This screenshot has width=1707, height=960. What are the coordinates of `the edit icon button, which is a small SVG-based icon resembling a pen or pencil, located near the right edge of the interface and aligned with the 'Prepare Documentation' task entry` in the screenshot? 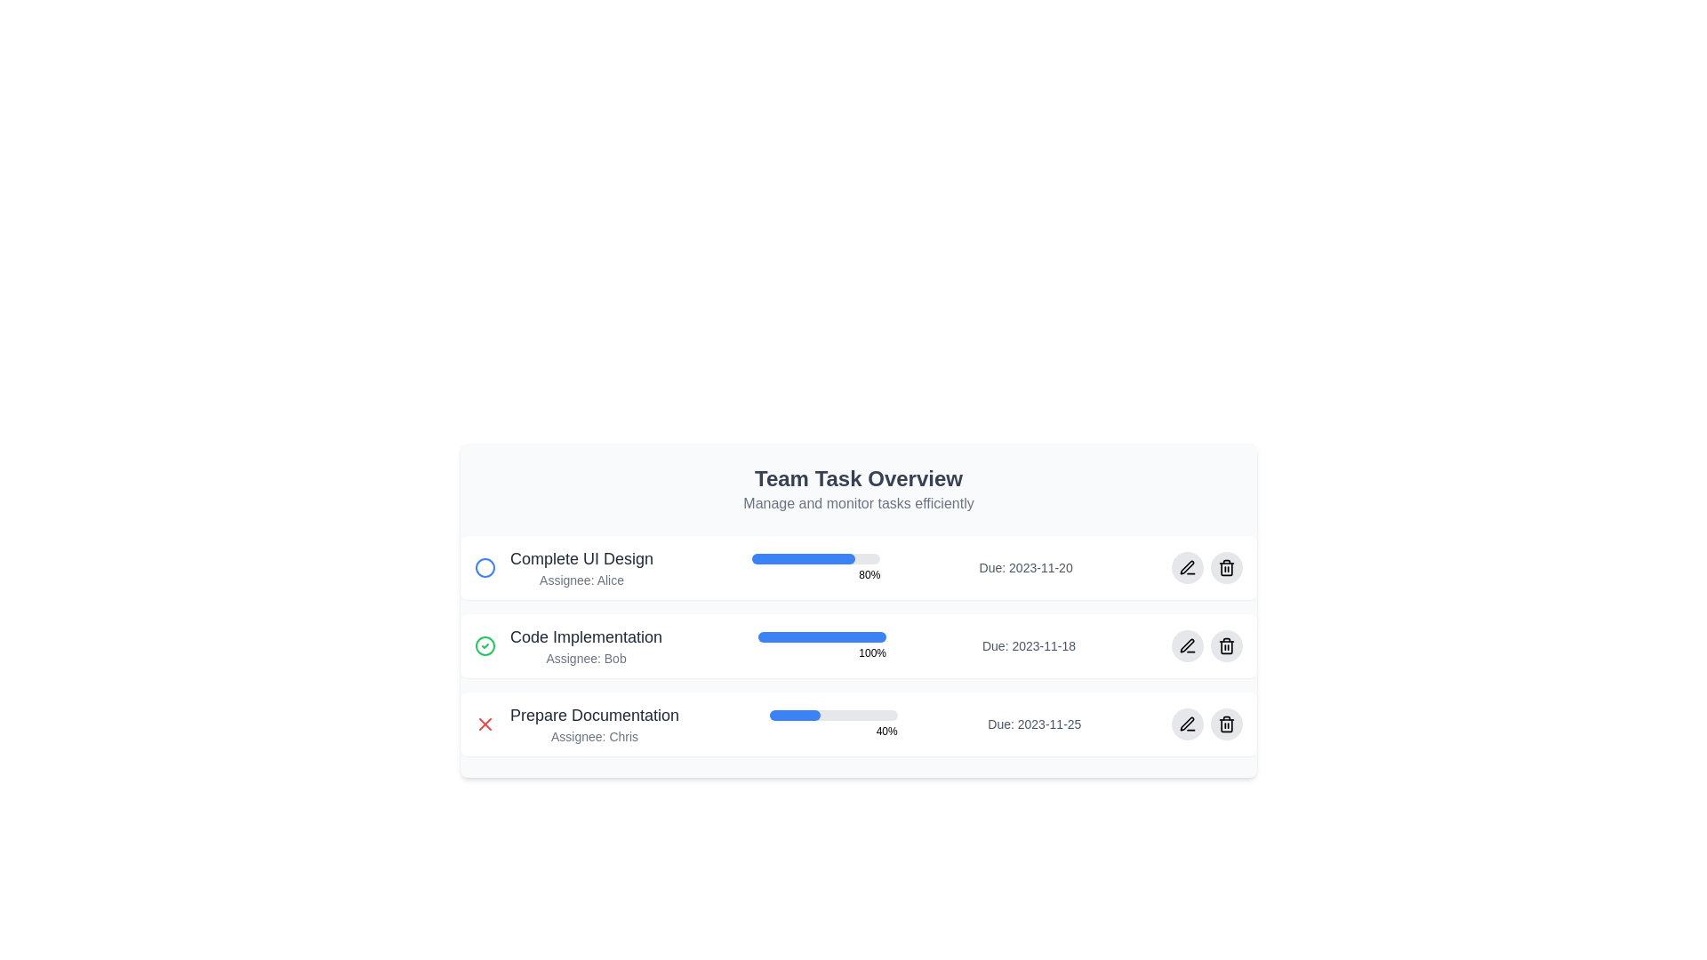 It's located at (1187, 724).